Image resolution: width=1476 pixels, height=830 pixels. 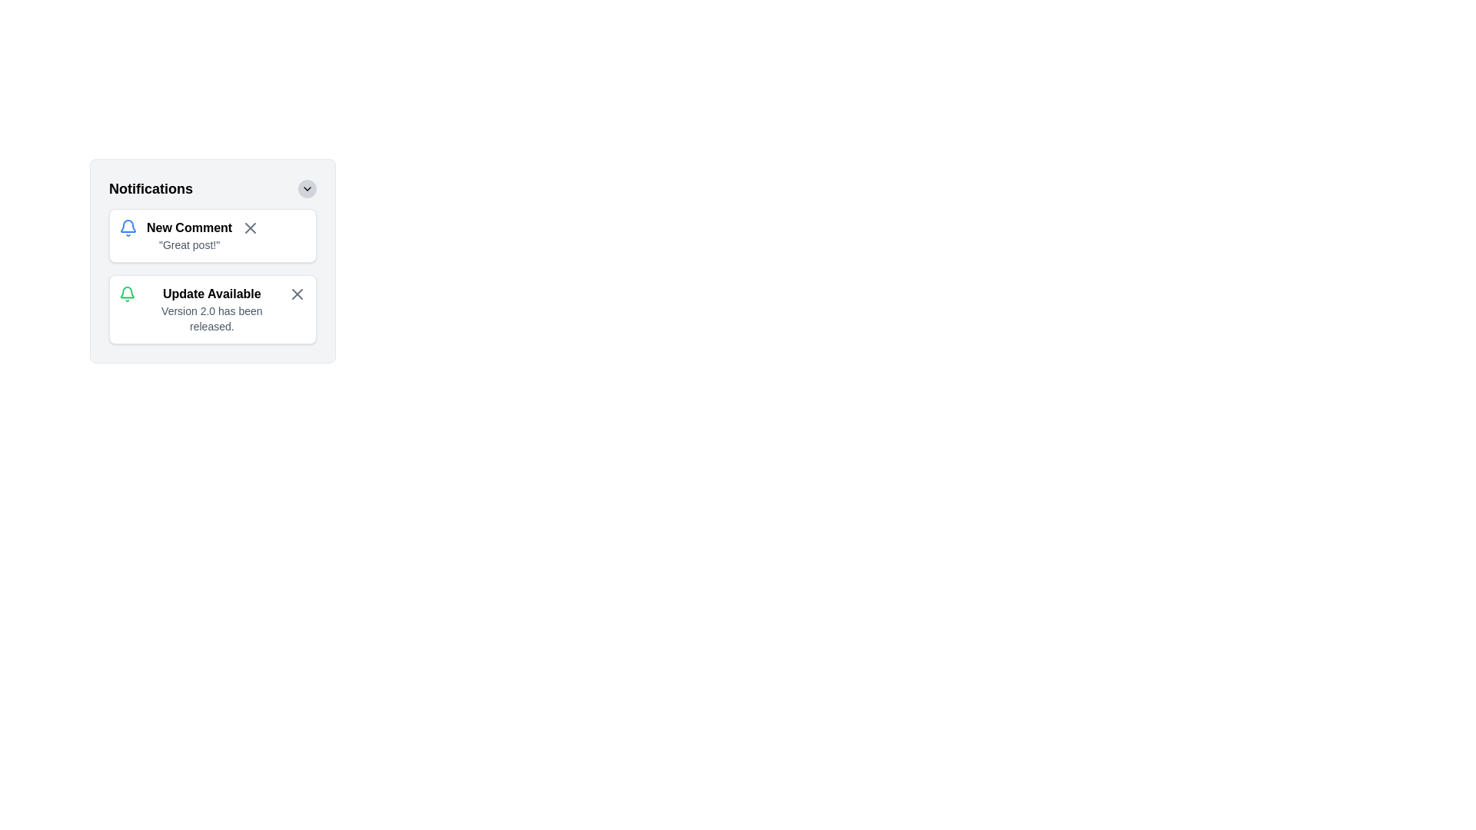 I want to click on the notification message displaying 'Update Available' which is the second notification in the vertical list of notifications, so click(x=211, y=309).